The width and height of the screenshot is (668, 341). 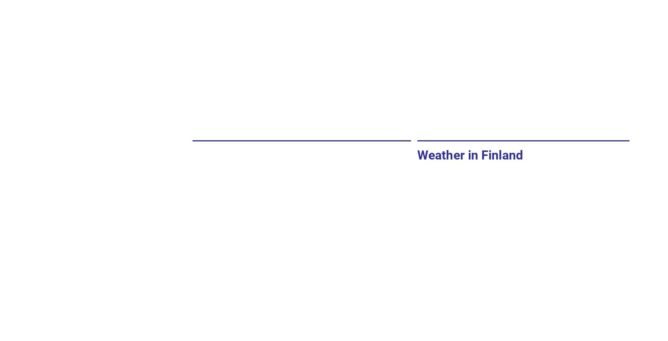 I want to click on 'An error occurred while searching for the weather radar animation. Please try again in a moment.', so click(x=198, y=186).